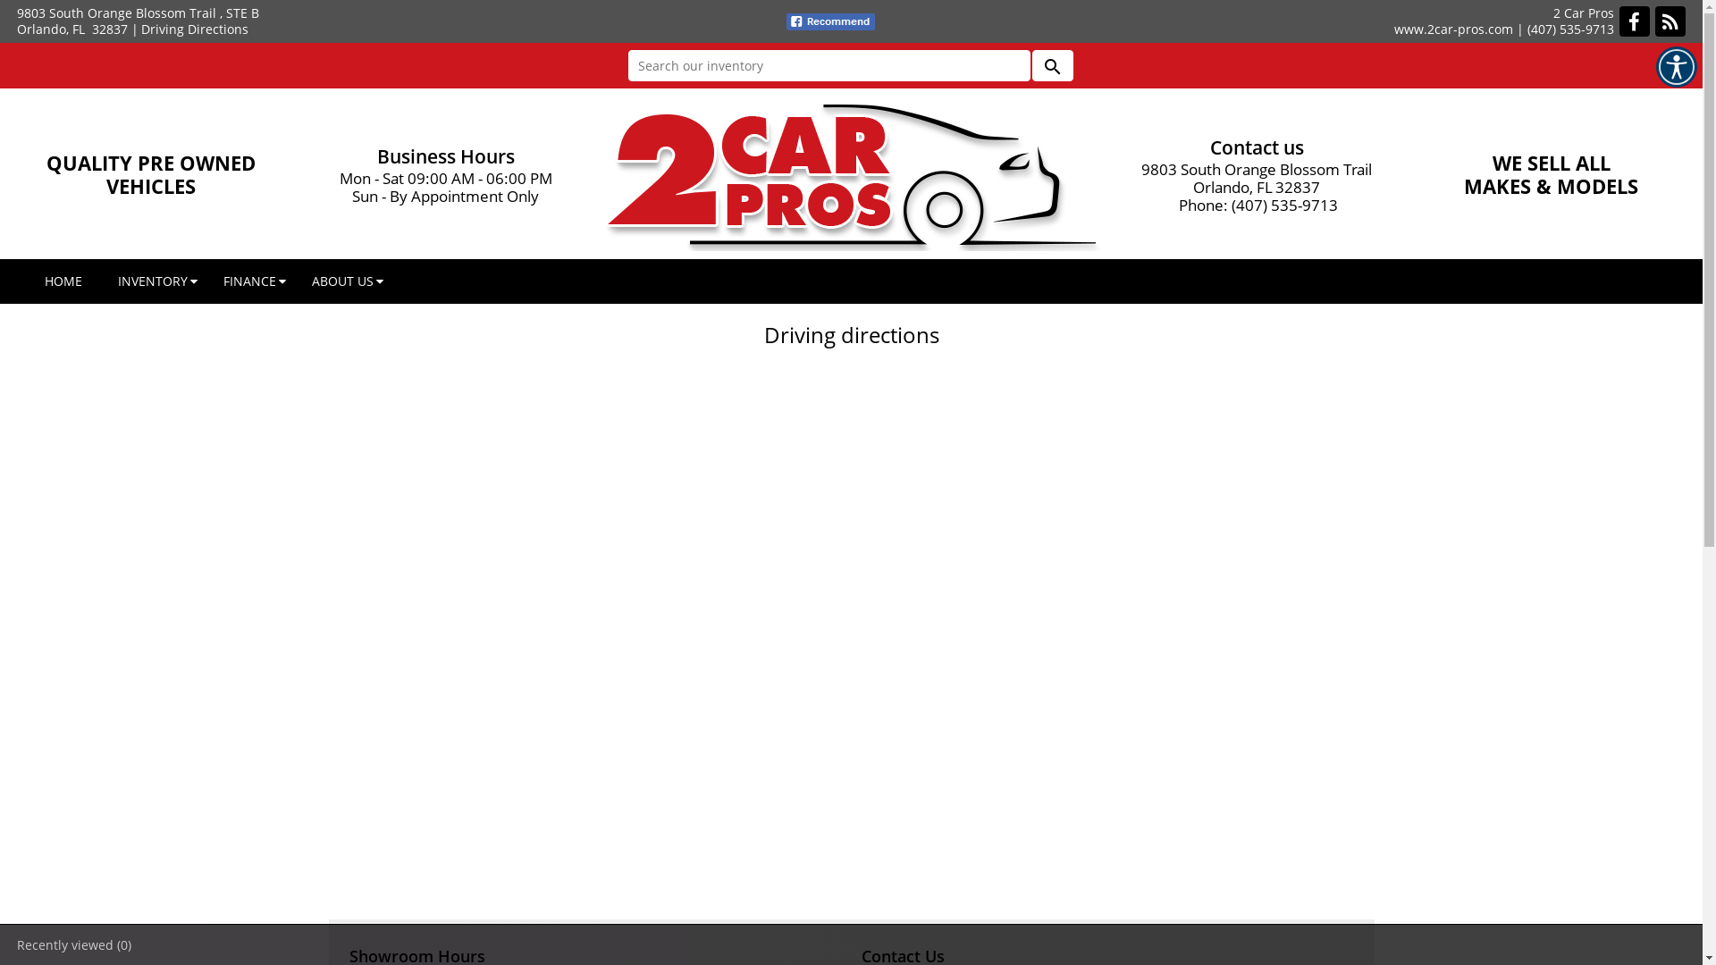  I want to click on 'Driving Directions', so click(140, 29).